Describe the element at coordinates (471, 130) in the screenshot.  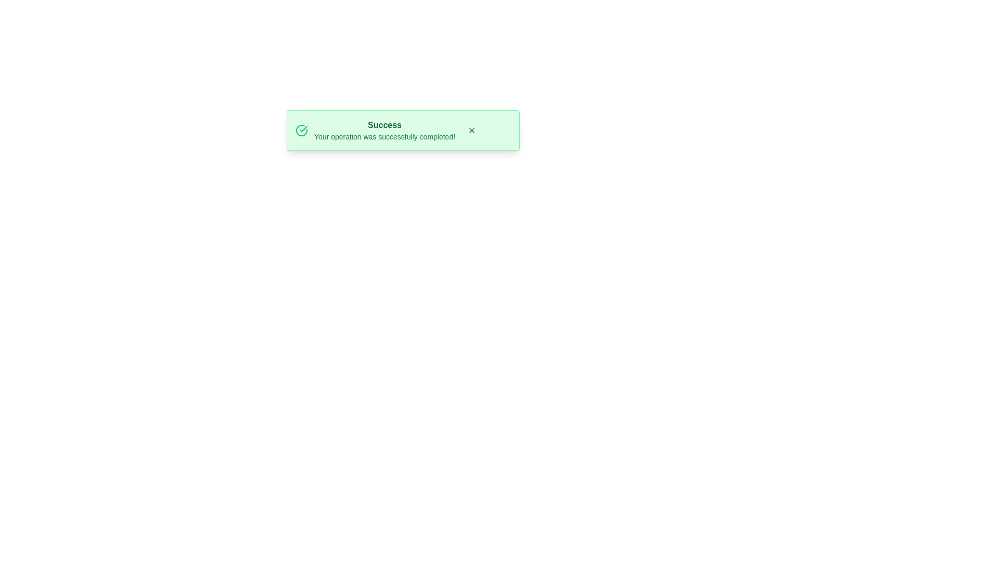
I see `close button to hide the snackbar` at that location.